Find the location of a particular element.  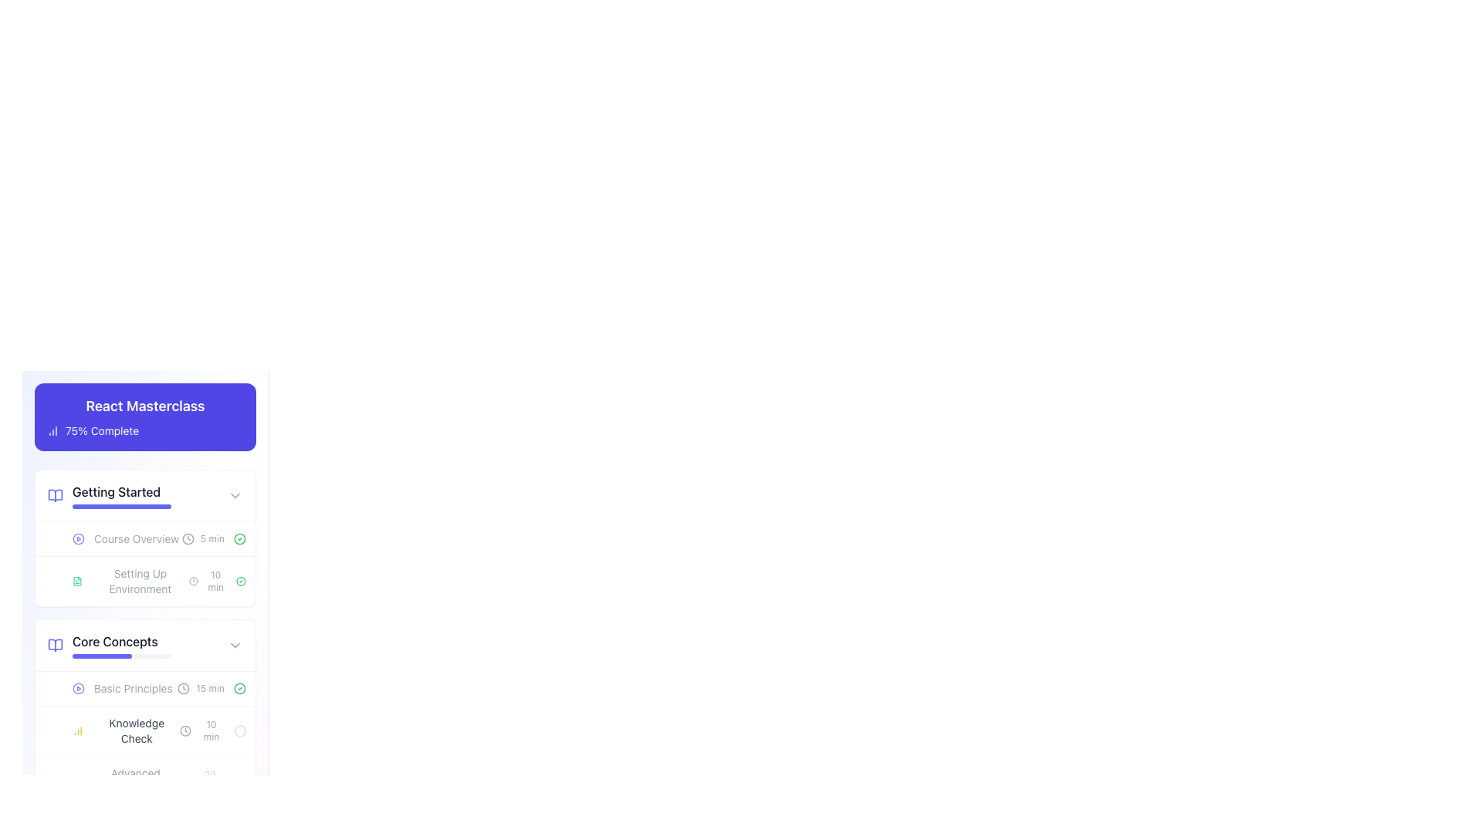

indicative meaning of the clock icon, which is positioned to the left of the '15 min' text in the 'Core Concepts' section, specifically aligned with 'Basic Principles' is located at coordinates (184, 688).